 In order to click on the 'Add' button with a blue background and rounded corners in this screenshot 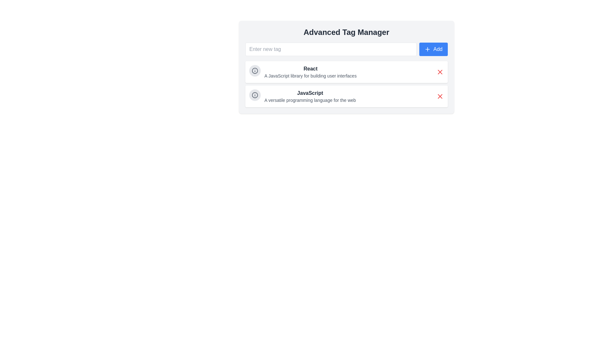, I will do `click(433, 49)`.